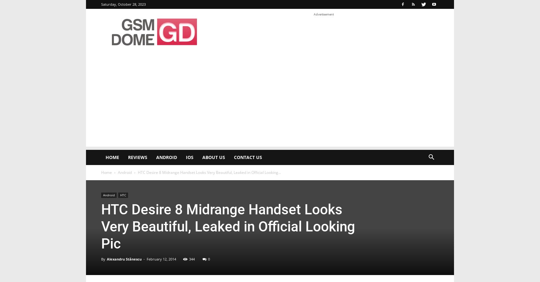 The height and width of the screenshot is (282, 540). What do you see at coordinates (209, 172) in the screenshot?
I see `'HTC Desire 8 Midrange Handset Looks Very Beautiful, Leaked in Official Looking...'` at bounding box center [209, 172].